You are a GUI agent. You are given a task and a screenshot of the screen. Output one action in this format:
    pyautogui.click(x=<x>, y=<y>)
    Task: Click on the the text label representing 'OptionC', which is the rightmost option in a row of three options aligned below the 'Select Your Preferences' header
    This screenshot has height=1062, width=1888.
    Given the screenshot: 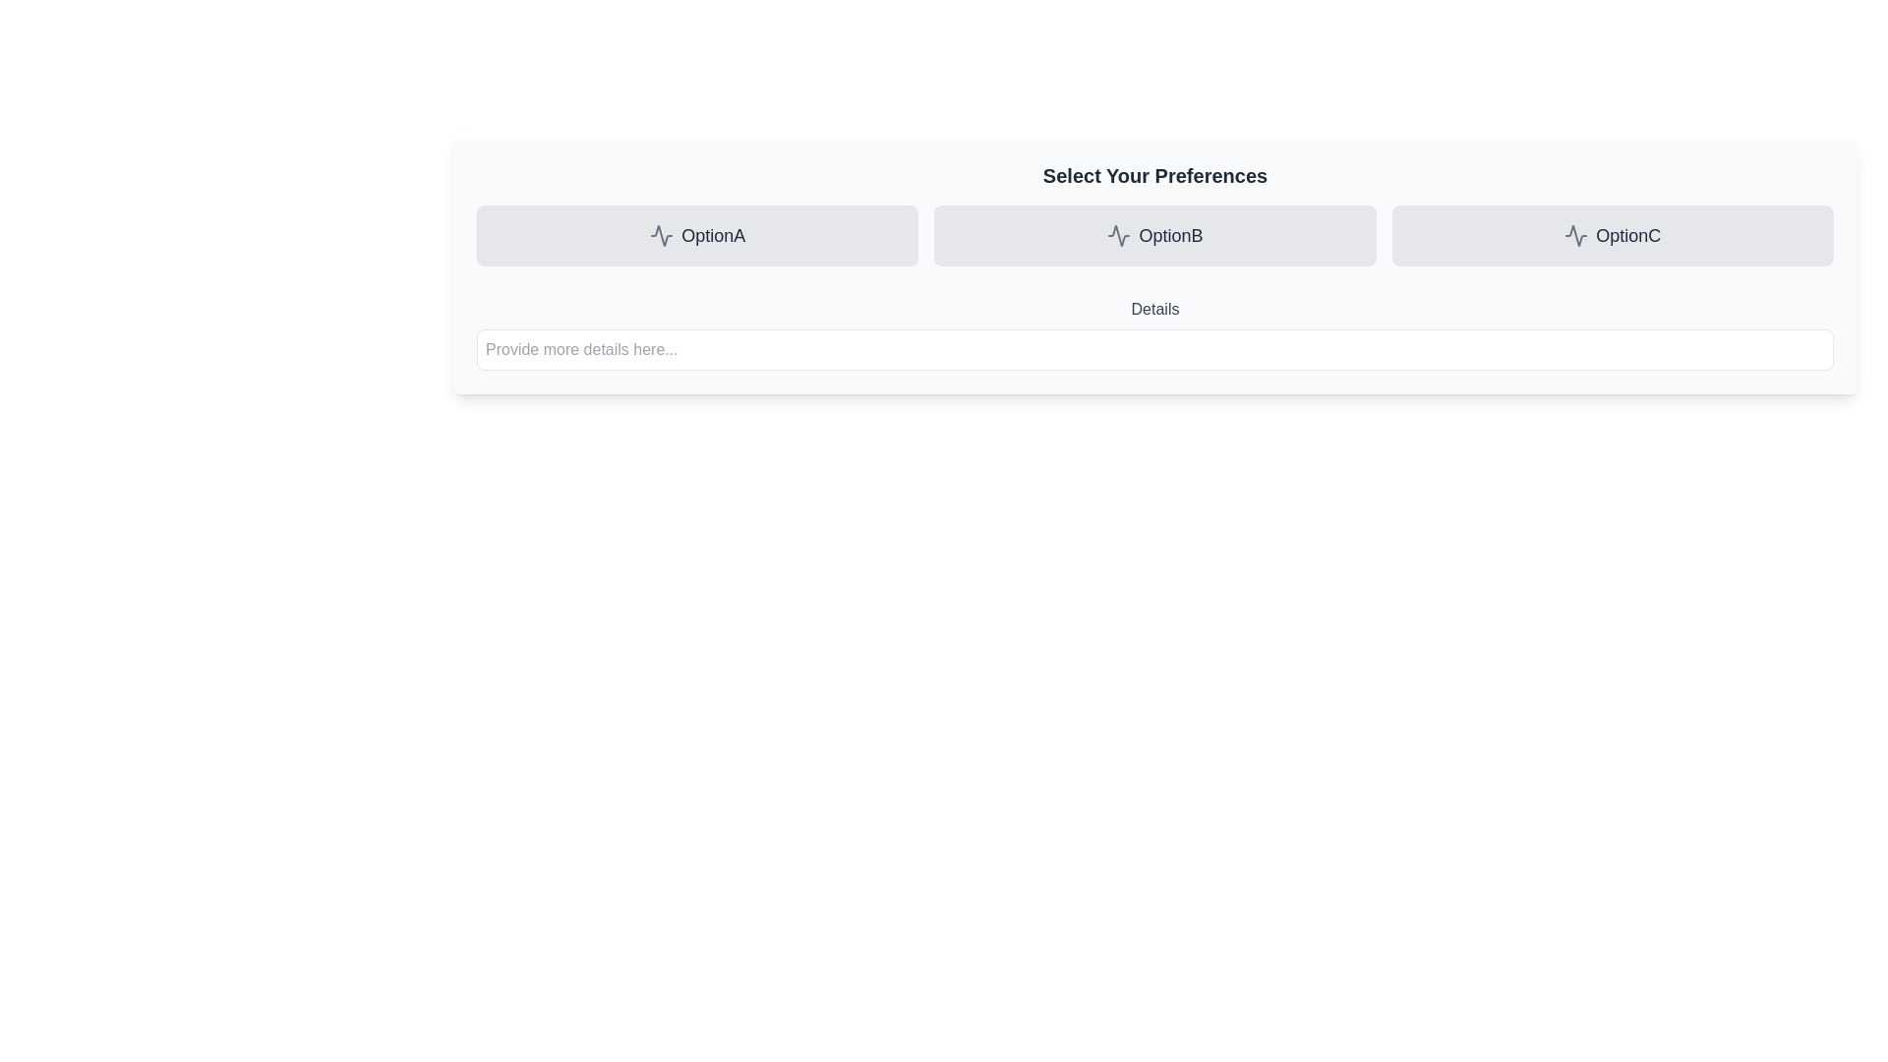 What is the action you would take?
    pyautogui.click(x=1628, y=234)
    